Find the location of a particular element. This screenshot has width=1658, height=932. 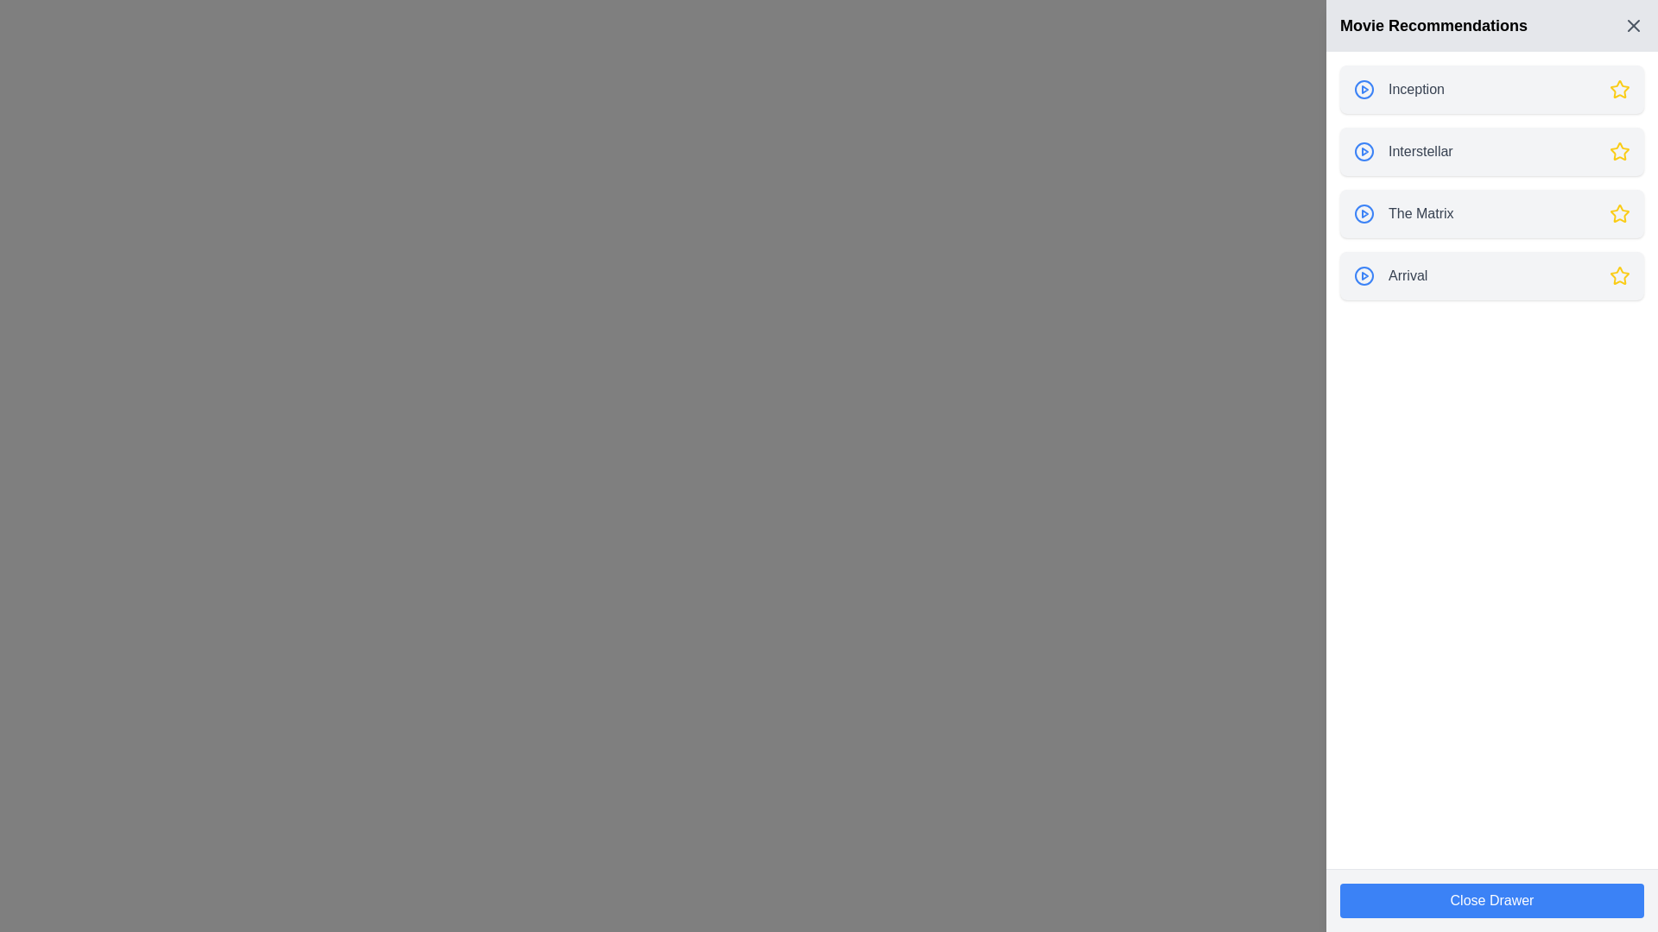

the circular SVG element that is part of the play button icon for the 'Arrival' movie recommendation entry located at the bottom of the sidebar panel is located at coordinates (1363, 275).